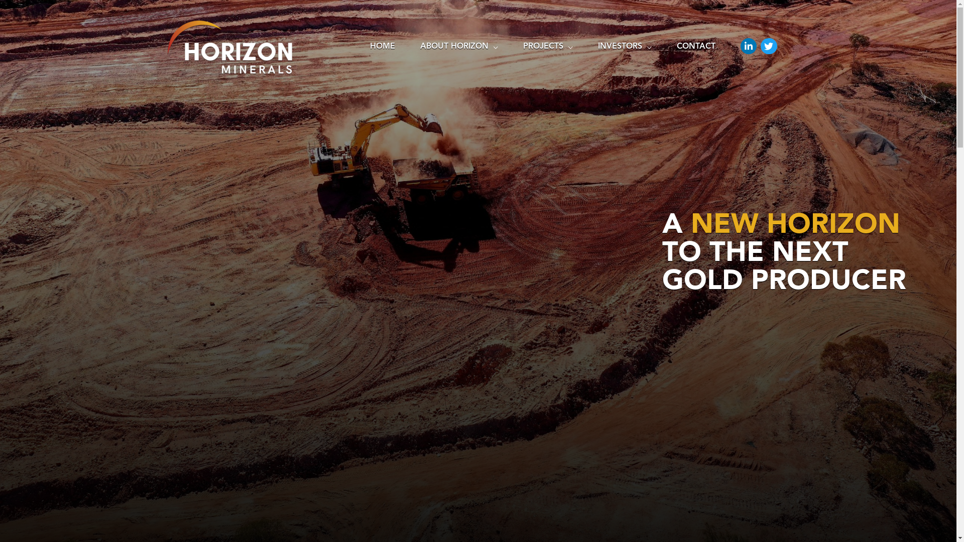 The image size is (964, 542). What do you see at coordinates (357, 48) in the screenshot?
I see `'HOME'` at bounding box center [357, 48].